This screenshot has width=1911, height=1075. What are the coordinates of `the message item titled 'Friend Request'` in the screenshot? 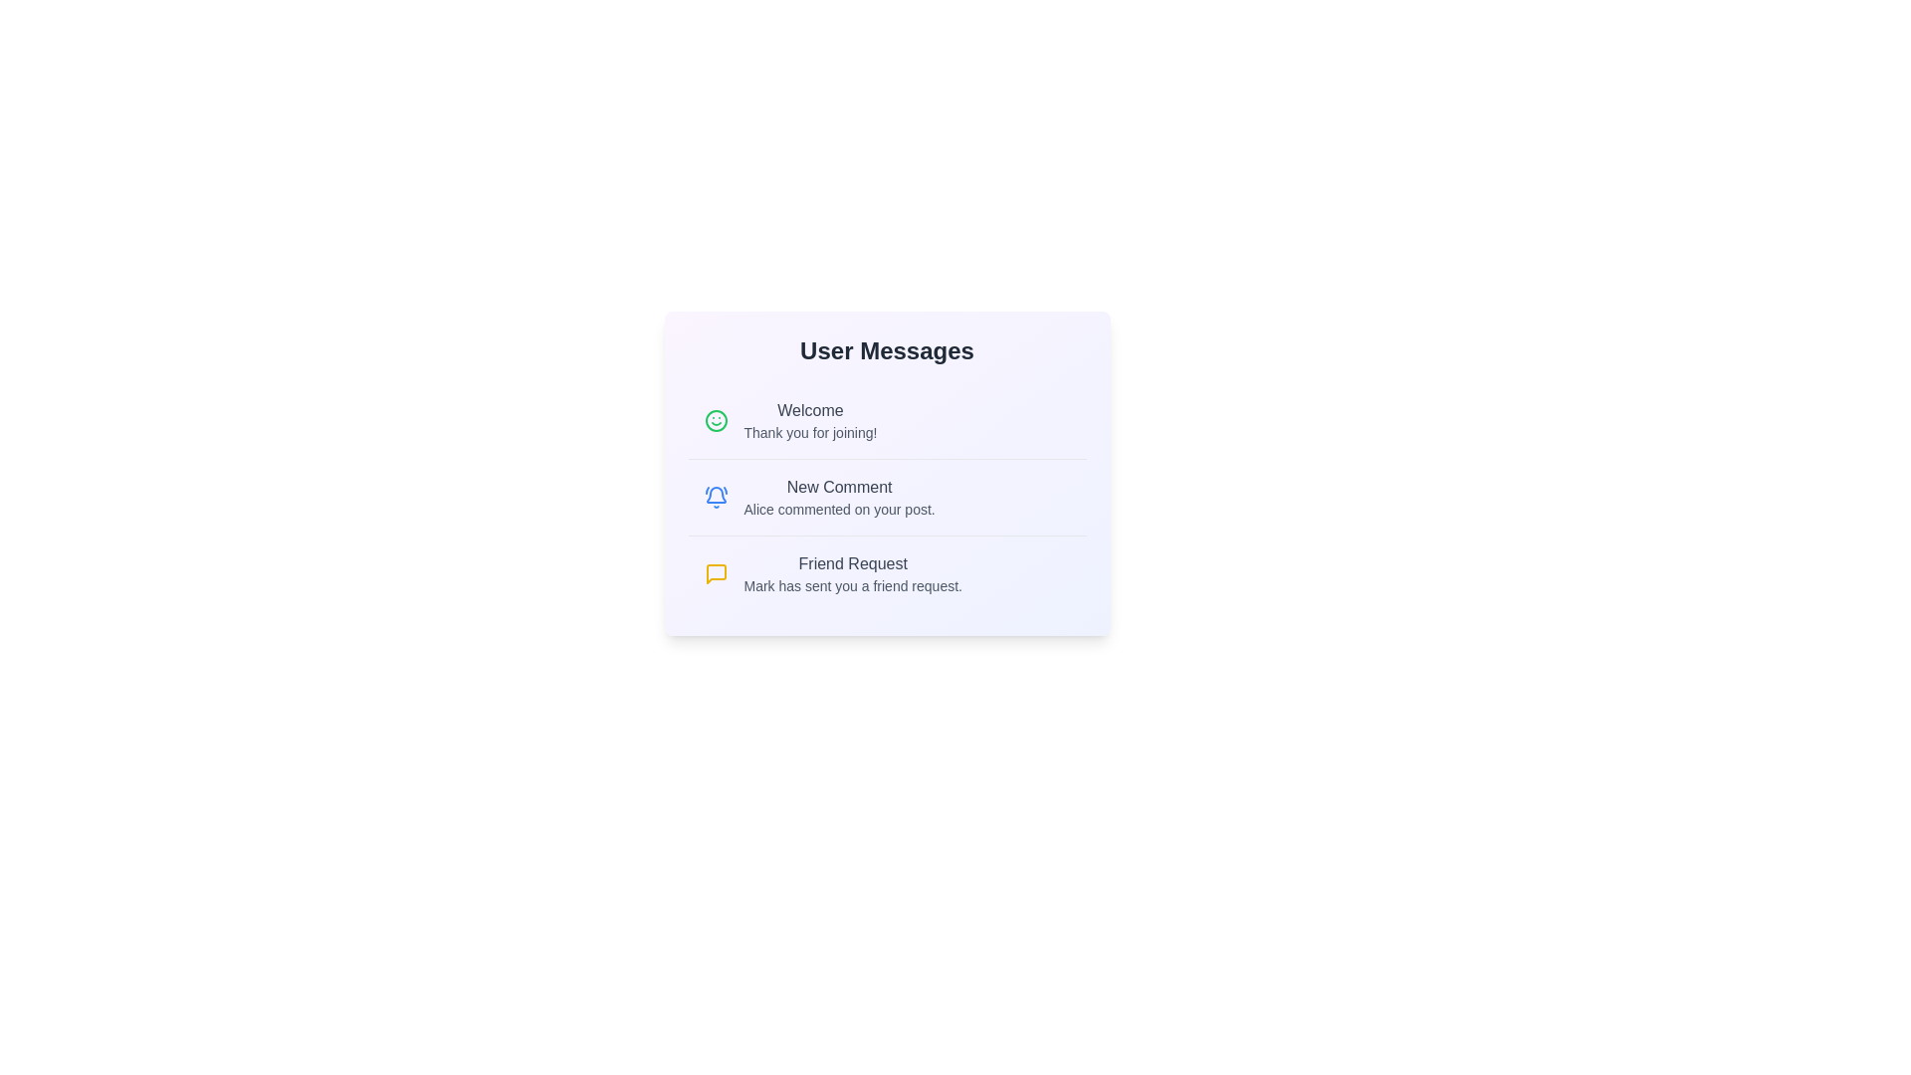 It's located at (886, 573).